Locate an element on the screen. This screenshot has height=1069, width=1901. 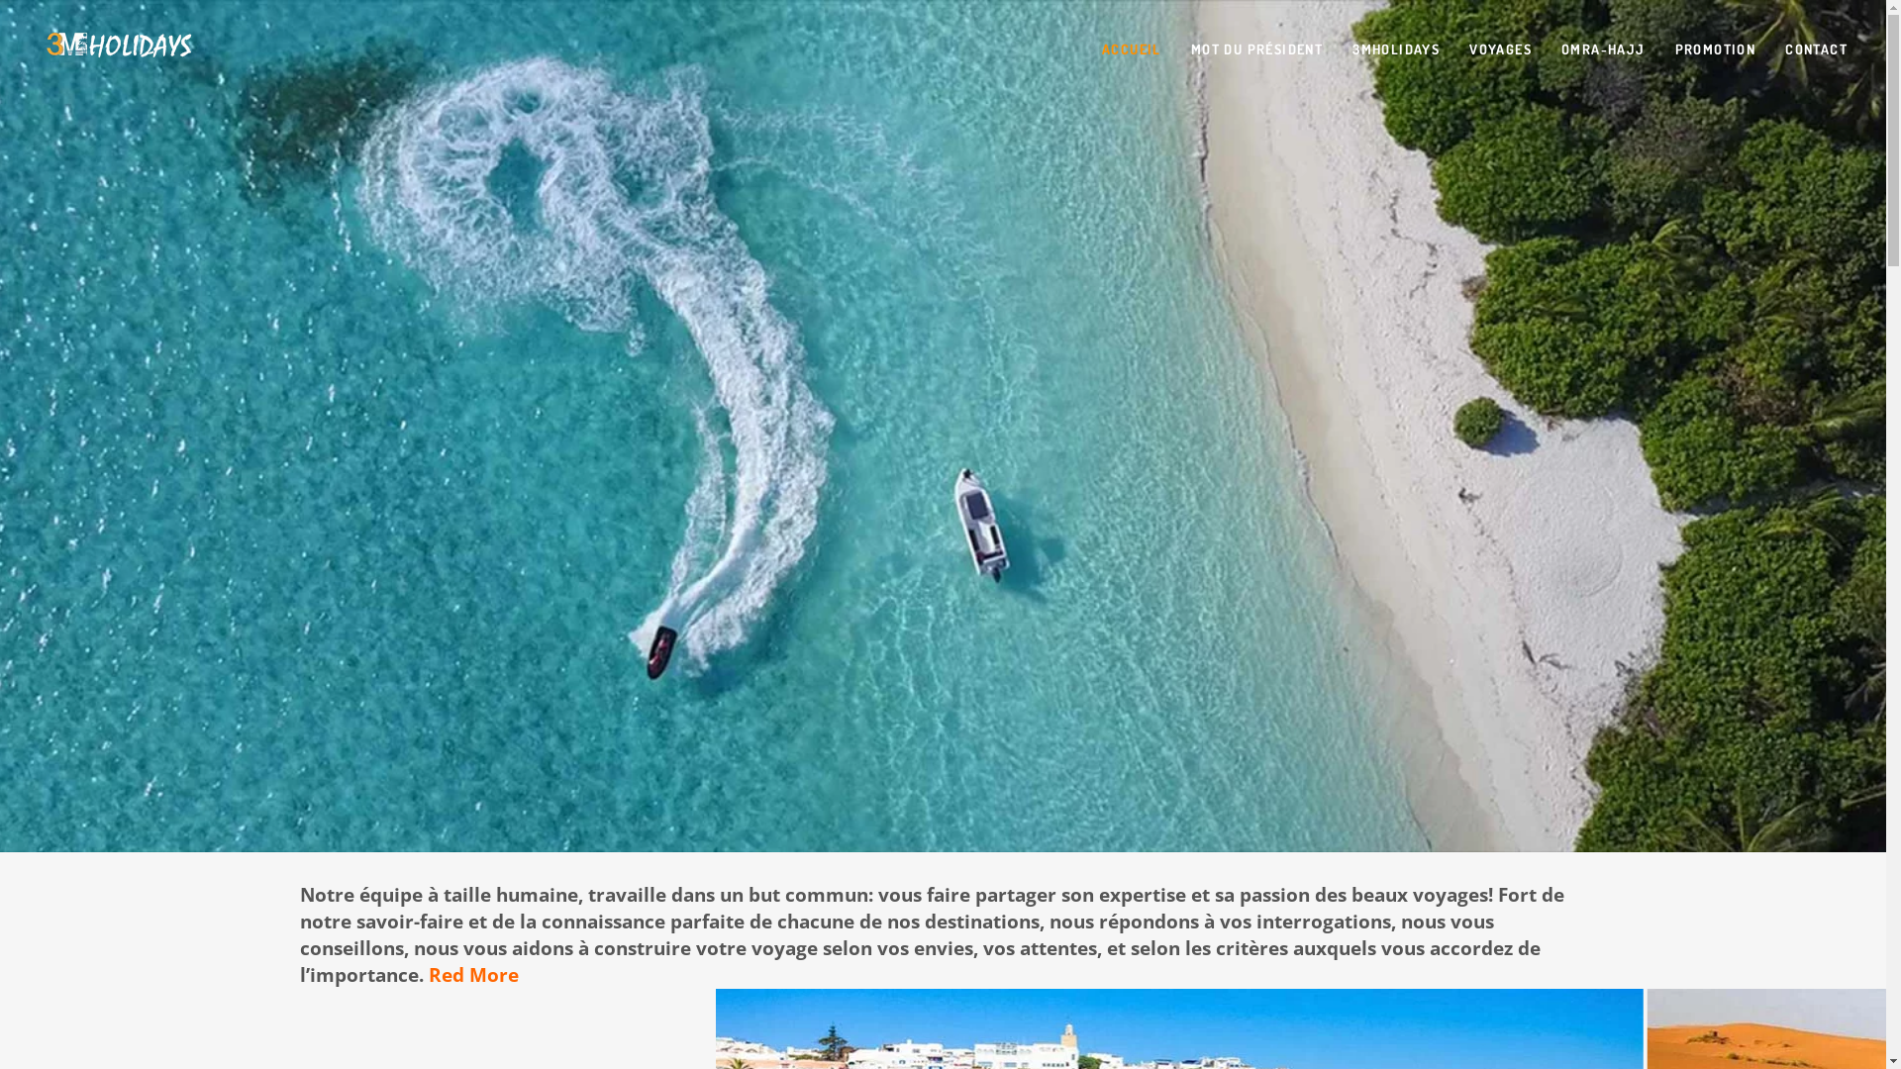
'3MHOLIDAYS' is located at coordinates (1395, 49).